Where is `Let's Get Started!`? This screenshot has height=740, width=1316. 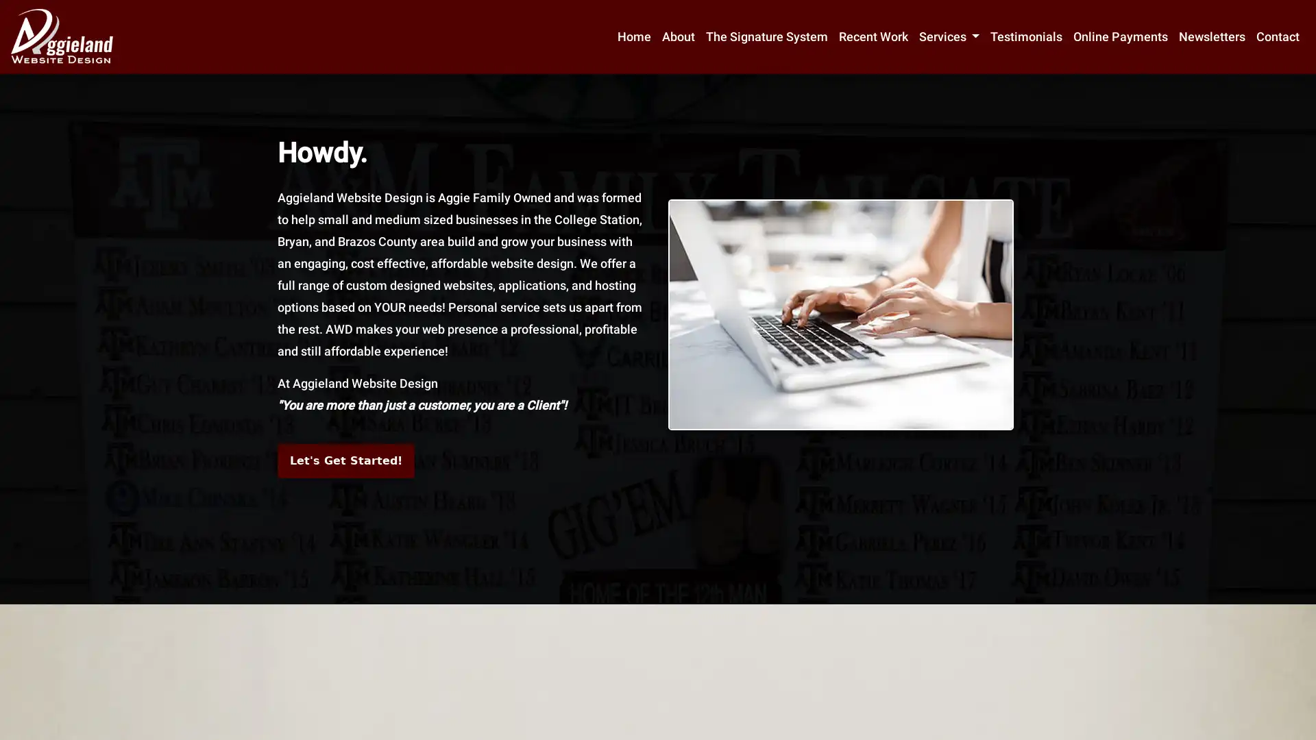
Let's Get Started! is located at coordinates (345, 460).